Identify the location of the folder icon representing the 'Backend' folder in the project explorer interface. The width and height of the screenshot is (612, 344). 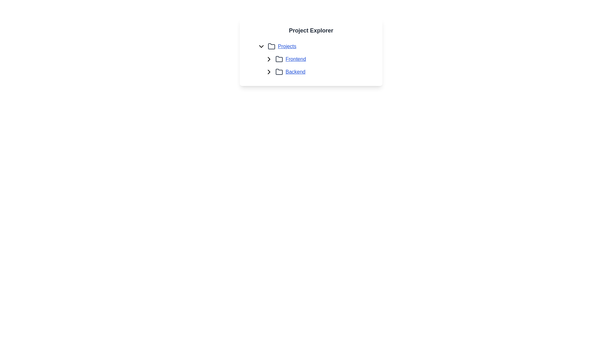
(279, 71).